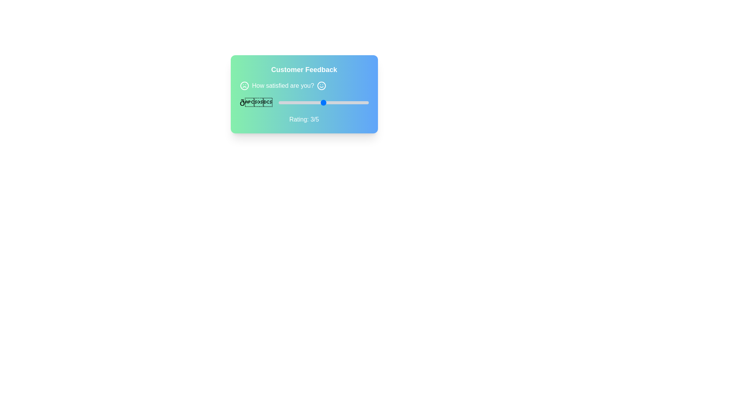 The image size is (736, 414). What do you see at coordinates (324, 102) in the screenshot?
I see `the slider value` at bounding box center [324, 102].